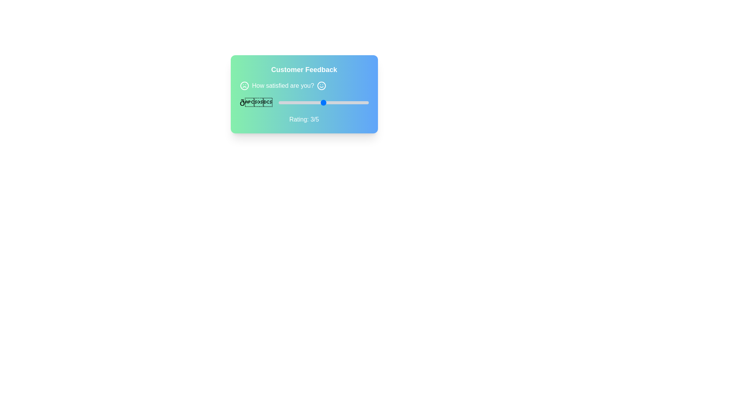 The image size is (736, 414). What do you see at coordinates (324, 102) in the screenshot?
I see `the slider value` at bounding box center [324, 102].